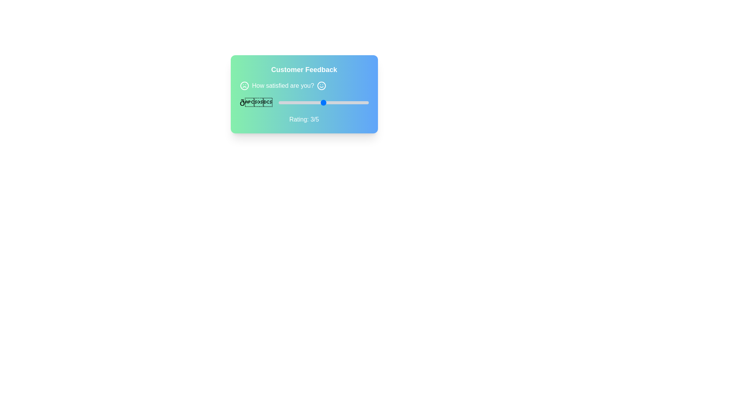 The image size is (736, 414). What do you see at coordinates (324, 102) in the screenshot?
I see `the slider value` at bounding box center [324, 102].